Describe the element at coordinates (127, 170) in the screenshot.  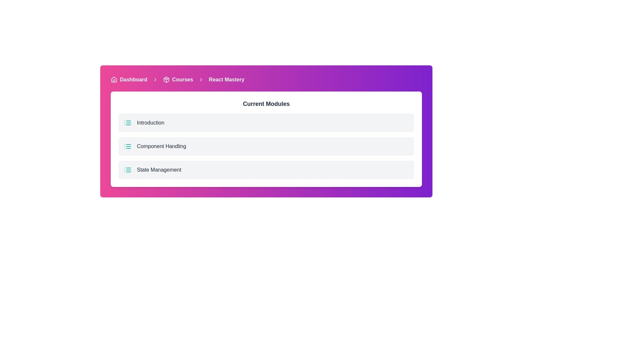
I see `the 'State Management' icon, which is a horizontally aligned list icon with three teal lines and three dots on the left, located to the far left of the text 'State Management'` at that location.